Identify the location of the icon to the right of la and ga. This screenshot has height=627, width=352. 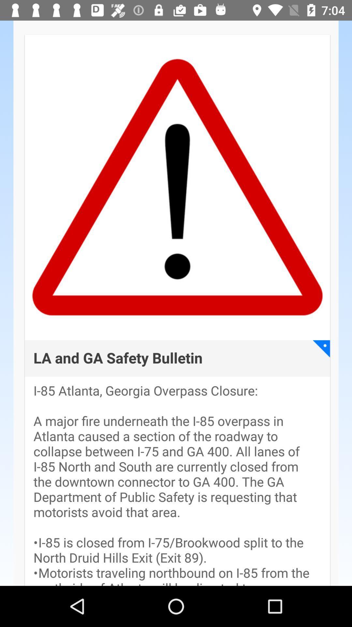
(321, 348).